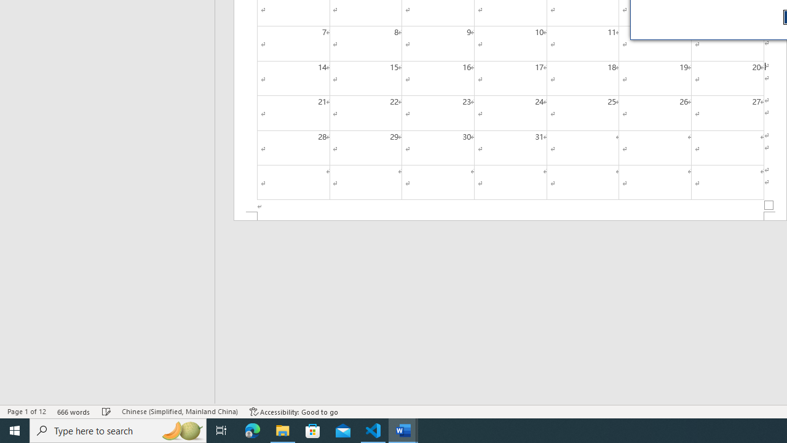 The image size is (787, 443). What do you see at coordinates (179, 412) in the screenshot?
I see `'Language Chinese (Simplified, Mainland China)'` at bounding box center [179, 412].